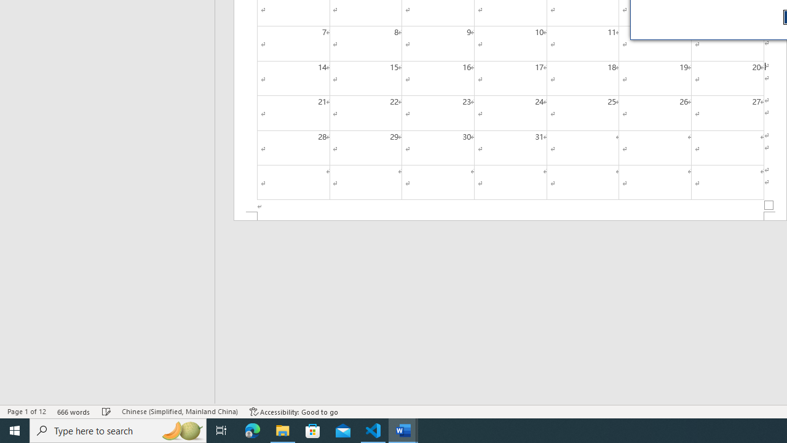 The image size is (787, 443). What do you see at coordinates (179, 412) in the screenshot?
I see `'Language Chinese (Simplified, Mainland China)'` at bounding box center [179, 412].